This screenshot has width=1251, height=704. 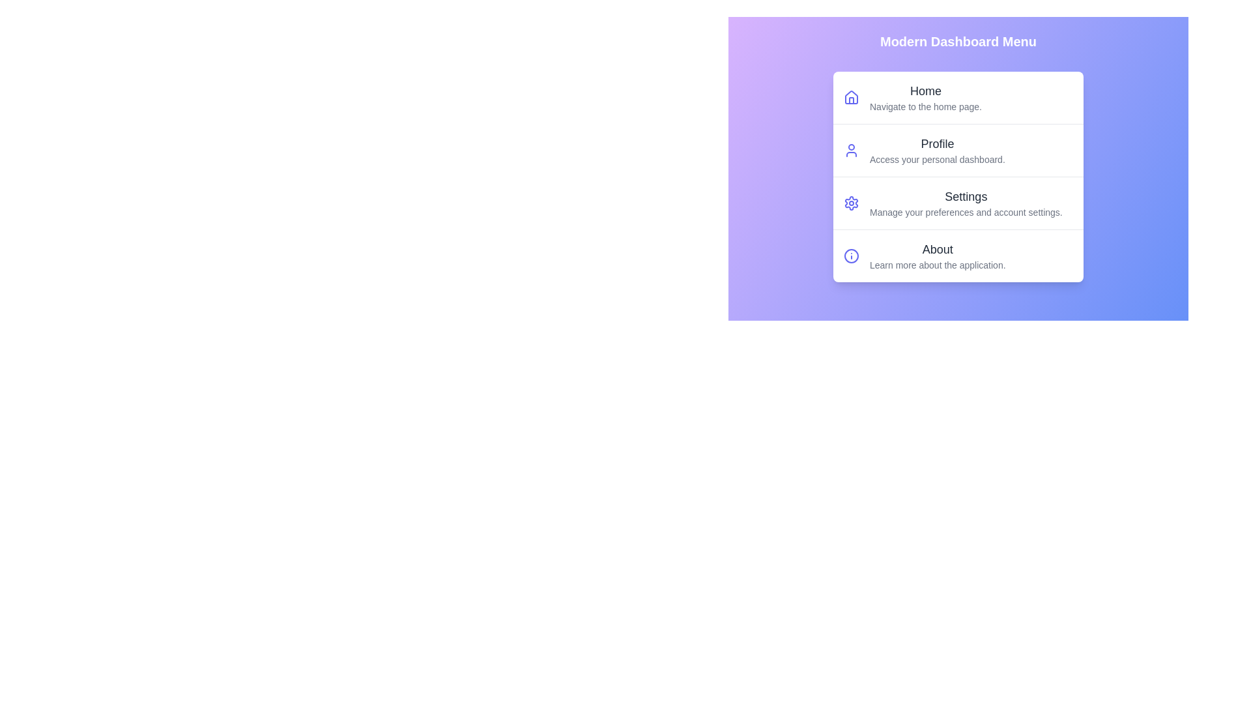 What do you see at coordinates (958, 203) in the screenshot?
I see `the menu item corresponding to Settings` at bounding box center [958, 203].